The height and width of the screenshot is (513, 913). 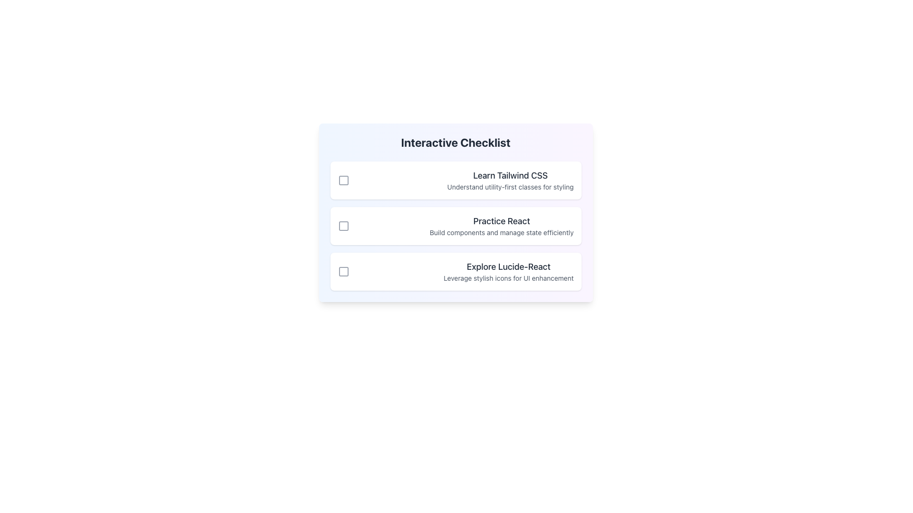 What do you see at coordinates (343, 226) in the screenshot?
I see `the interactive checkbox for the checklist item titled 'Practice React'` at bounding box center [343, 226].